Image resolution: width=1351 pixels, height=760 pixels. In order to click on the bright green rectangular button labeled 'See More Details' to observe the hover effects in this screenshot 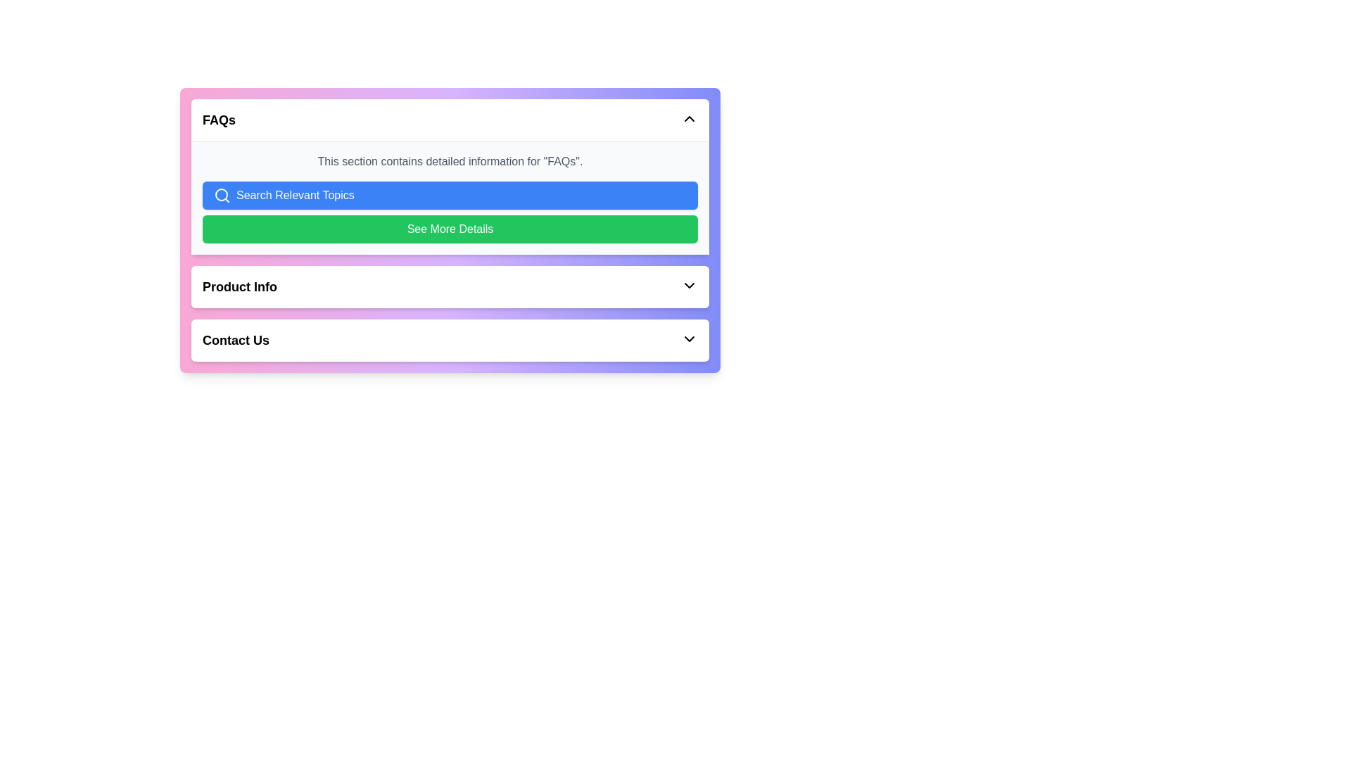, I will do `click(449, 229)`.